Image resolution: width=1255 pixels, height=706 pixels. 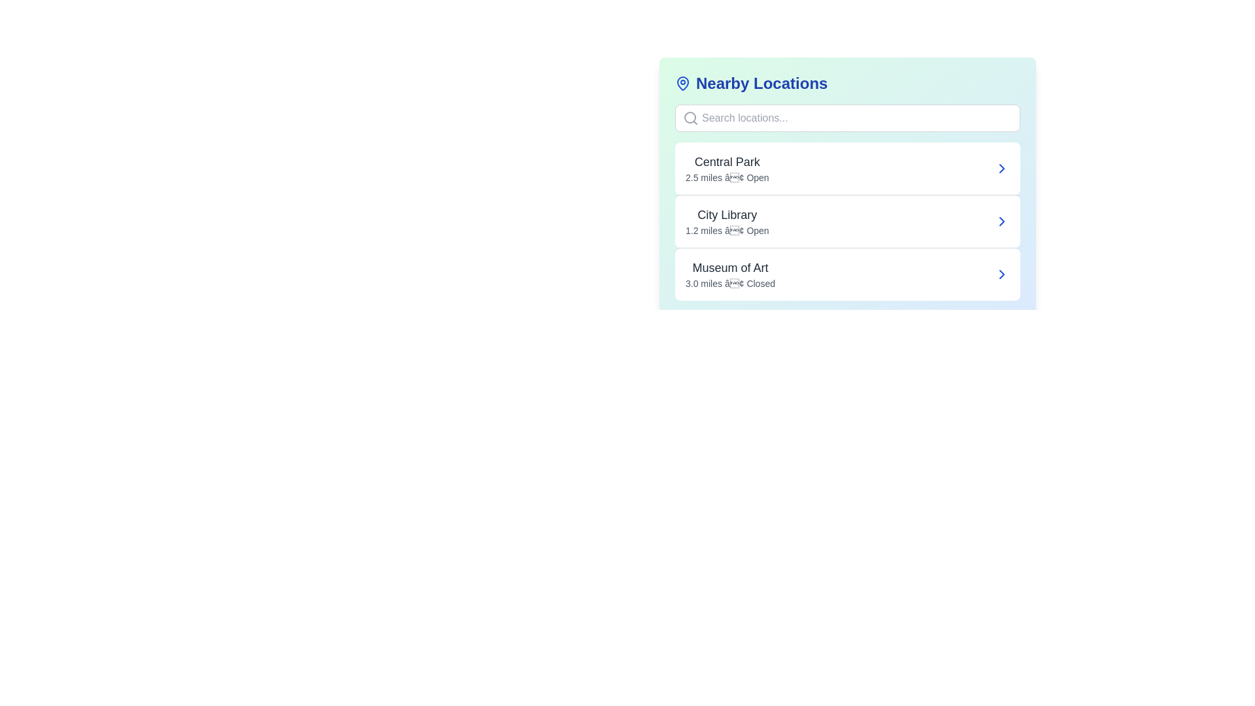 I want to click on the small right-facing arrow icon located in the right section of the first list item labeled 'Central Park', so click(x=1001, y=168).